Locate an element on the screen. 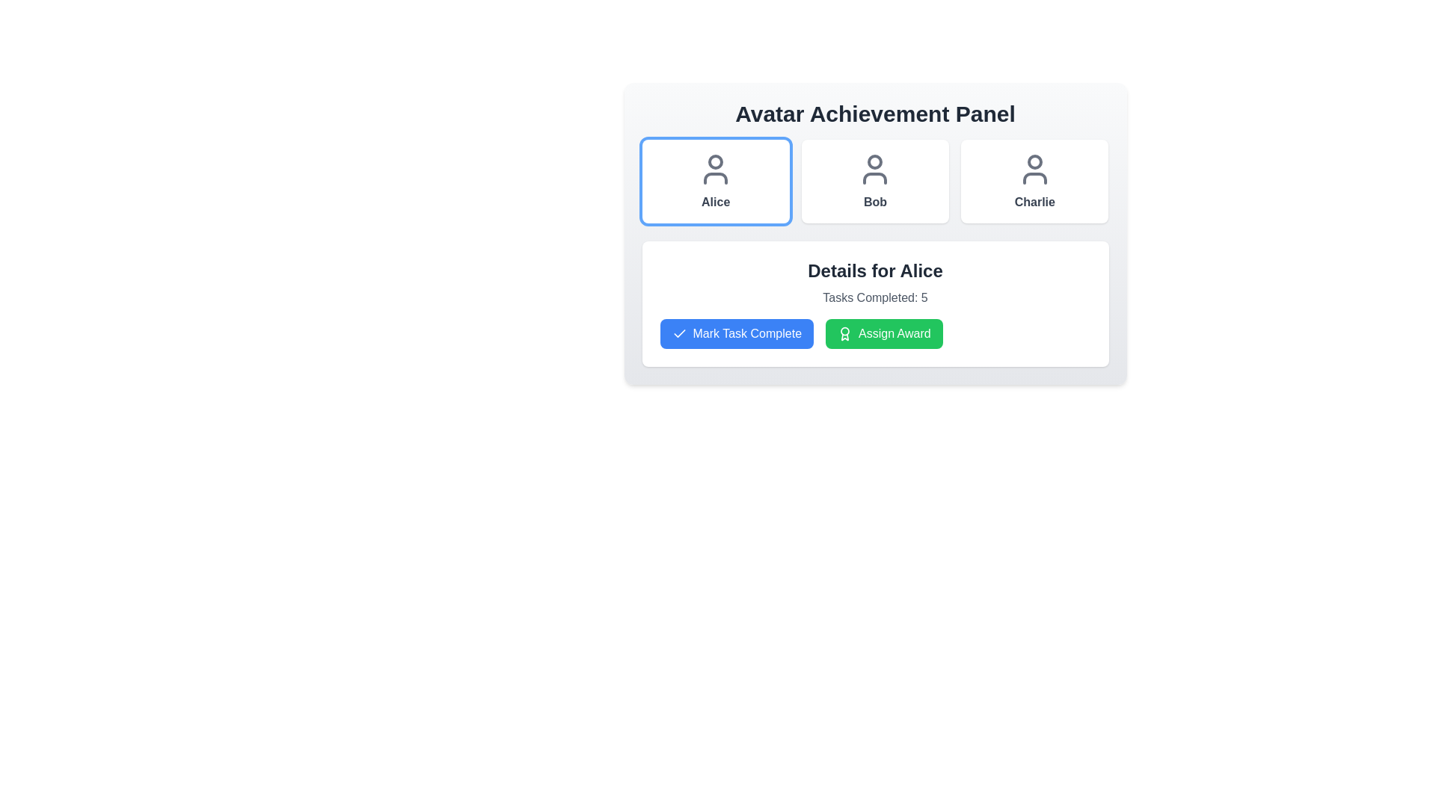  the icon representing the action of marking a task as complete, located within the 'Mark Task Complete' button in the 'Details for Alice' section is located at coordinates (678, 333).